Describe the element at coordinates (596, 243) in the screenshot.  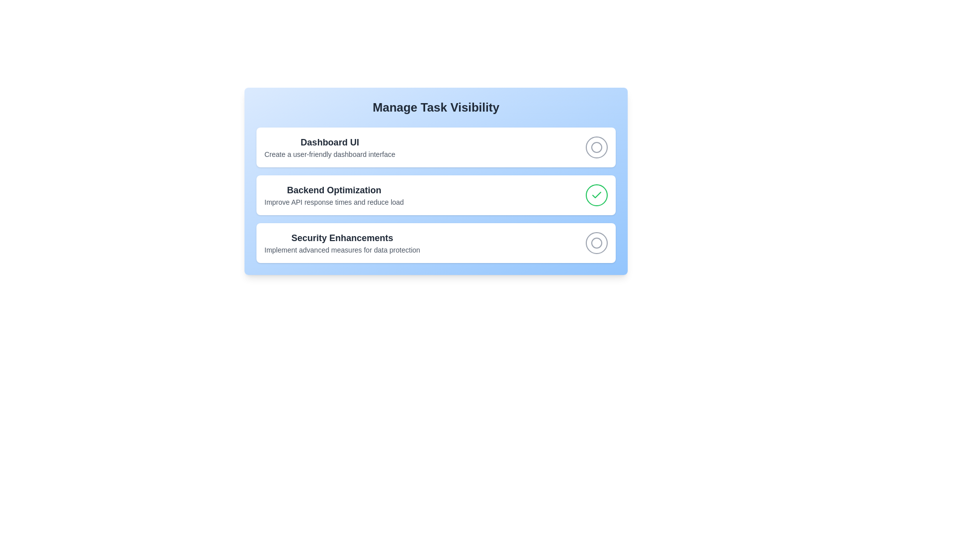
I see `the circular status indicator icon positioned to the far right of the first task list item labeled 'Dashboard UI'` at that location.